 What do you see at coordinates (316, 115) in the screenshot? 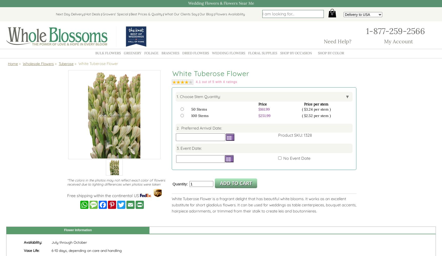
I see `'(  $2.52 per stem )'` at bounding box center [316, 115].